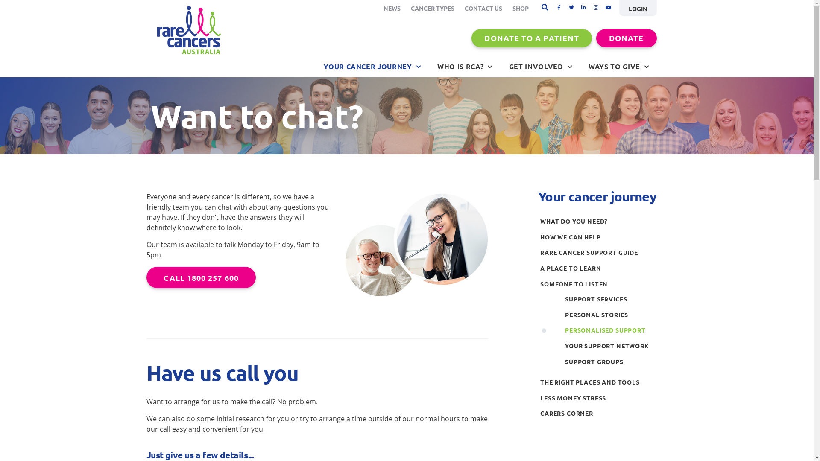 This screenshot has height=461, width=820. I want to click on 'SUPPORT SERVICES', so click(612, 298).